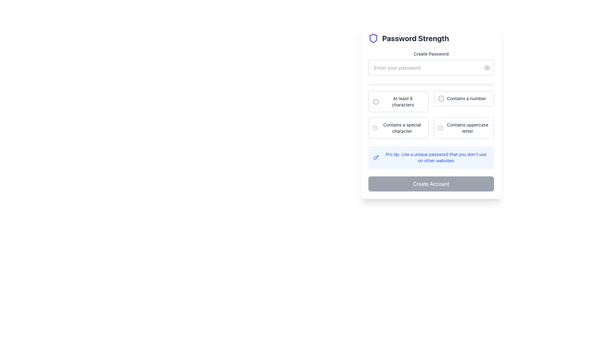 This screenshot has height=339, width=603. I want to click on the icon component within the 'Contains a special character' checkbox, which indicates a specific password requirement, so click(375, 128).